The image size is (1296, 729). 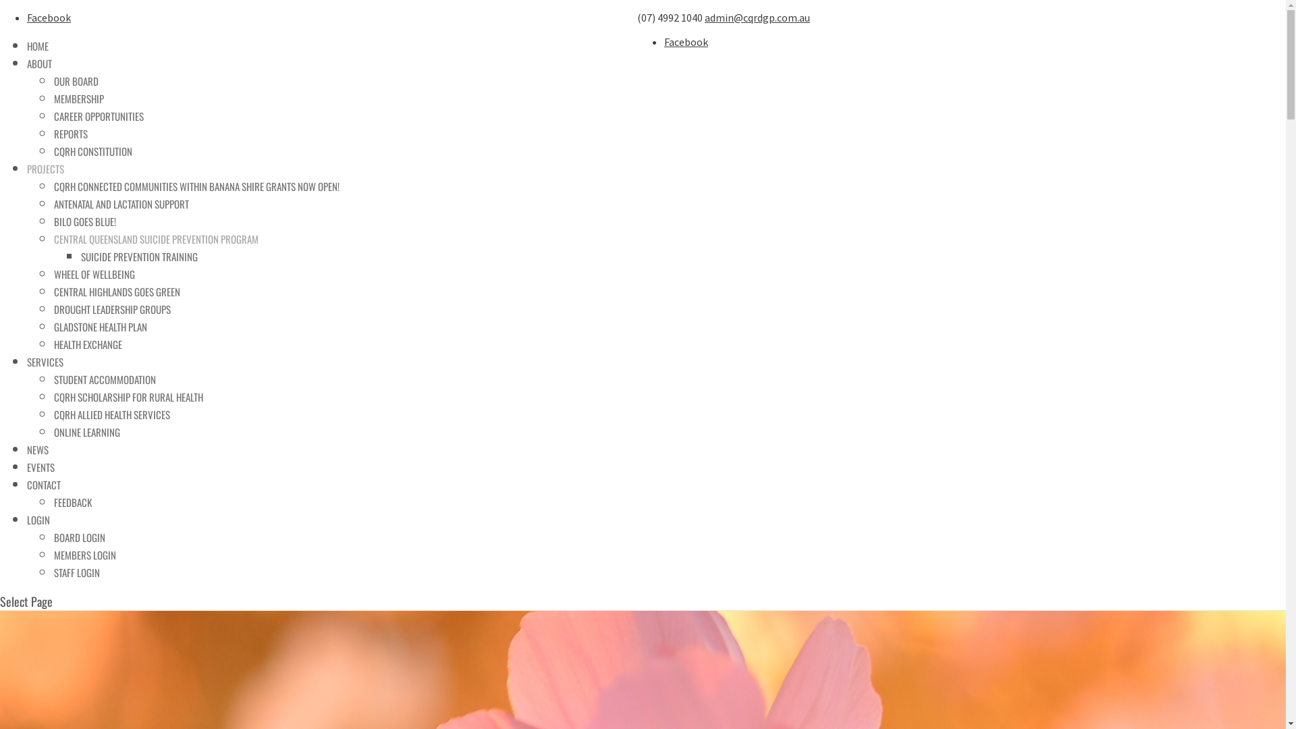 What do you see at coordinates (98, 115) in the screenshot?
I see `'CAREER OPPORTUNITIES'` at bounding box center [98, 115].